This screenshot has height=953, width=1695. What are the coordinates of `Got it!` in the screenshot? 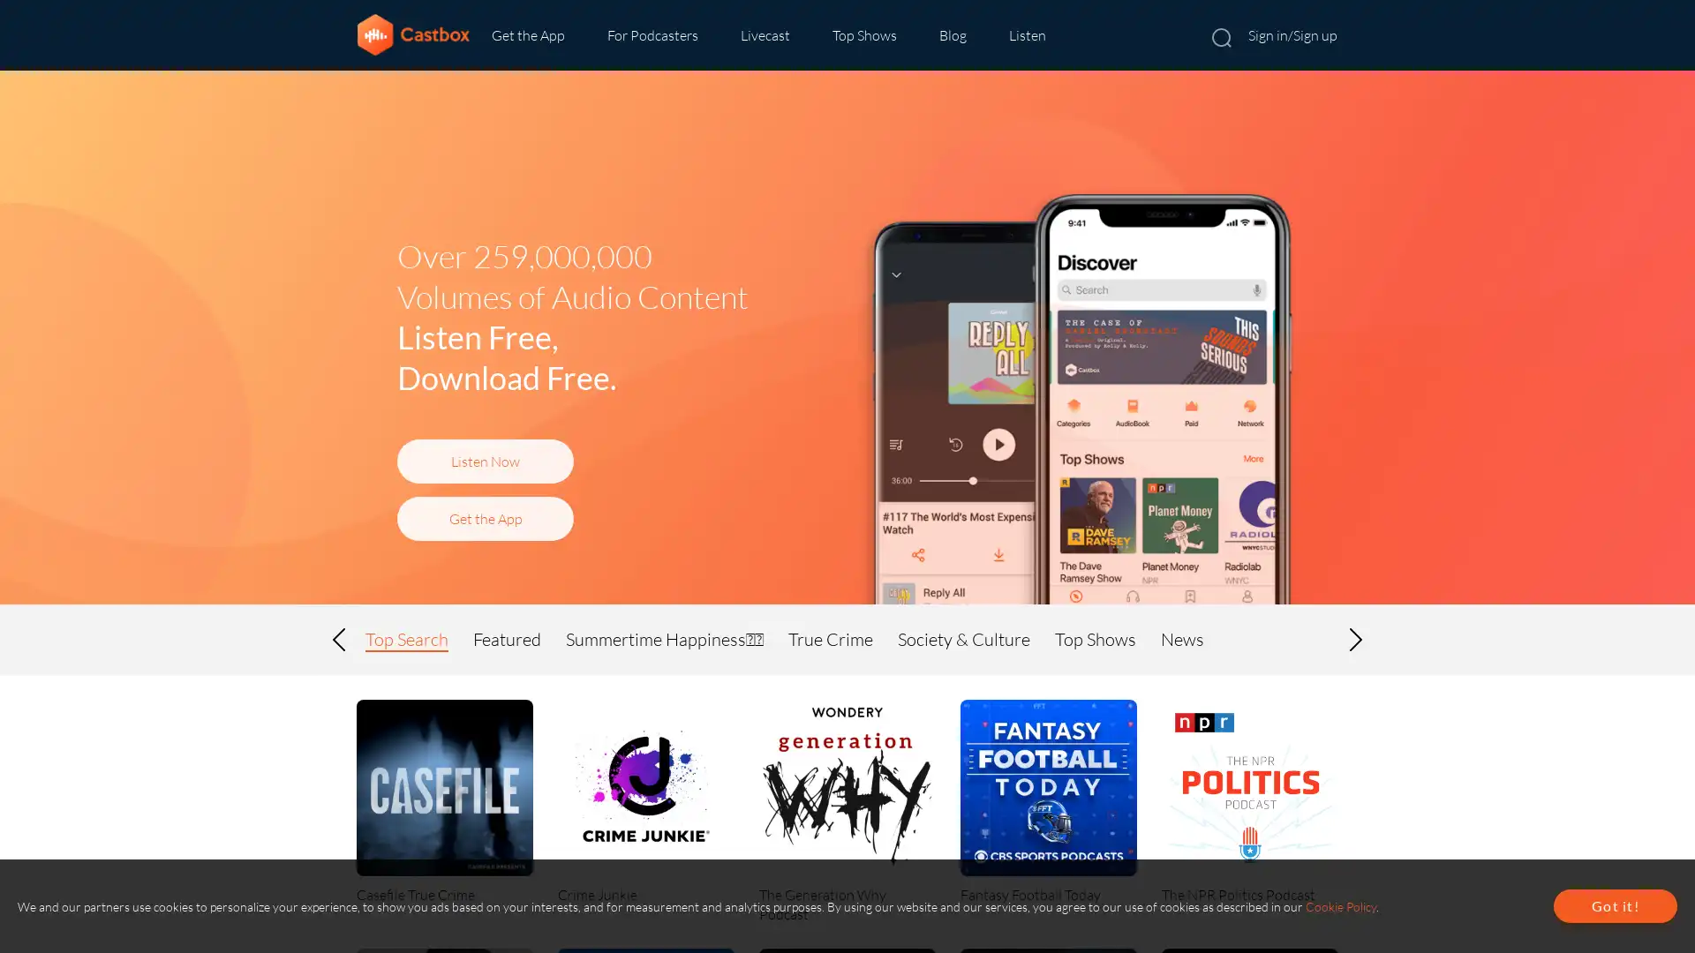 It's located at (1615, 905).